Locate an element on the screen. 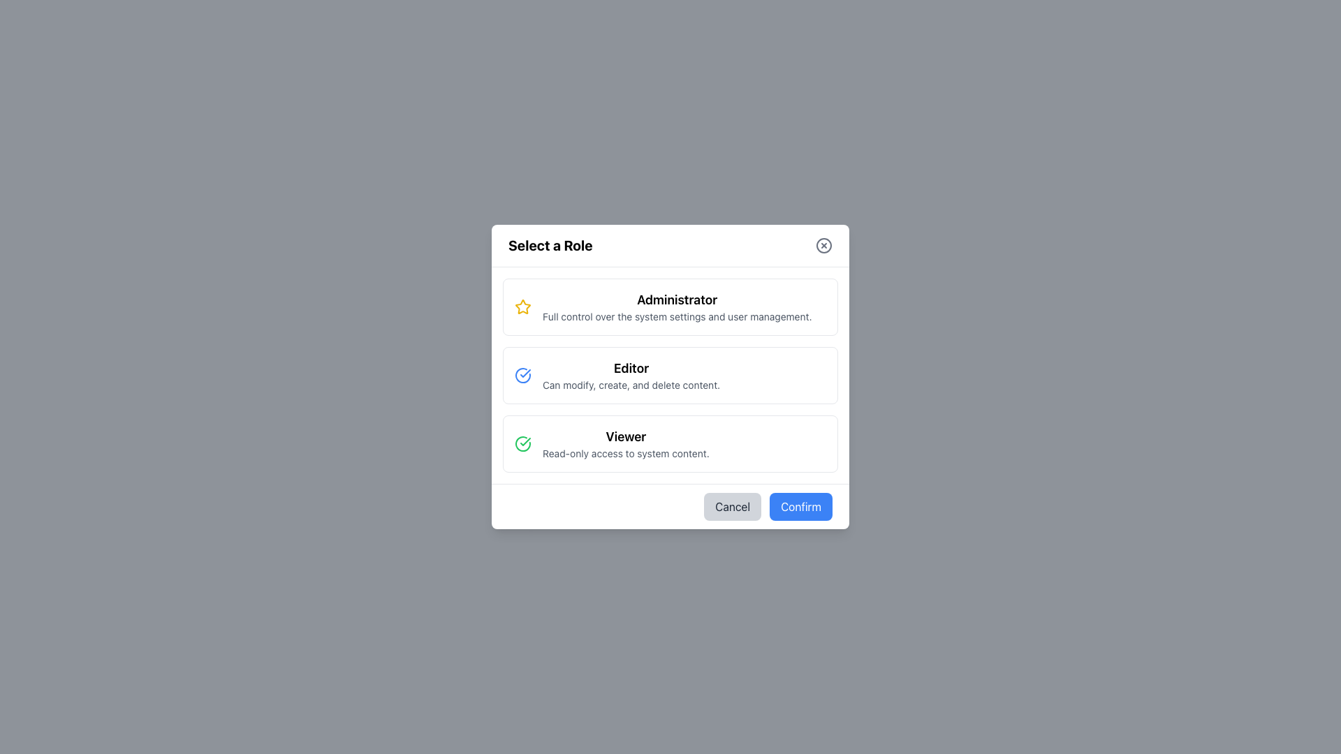 The height and width of the screenshot is (754, 1341). the topmost Selectable Role Card in the 'Select a Role' modal is located at coordinates (670, 306).